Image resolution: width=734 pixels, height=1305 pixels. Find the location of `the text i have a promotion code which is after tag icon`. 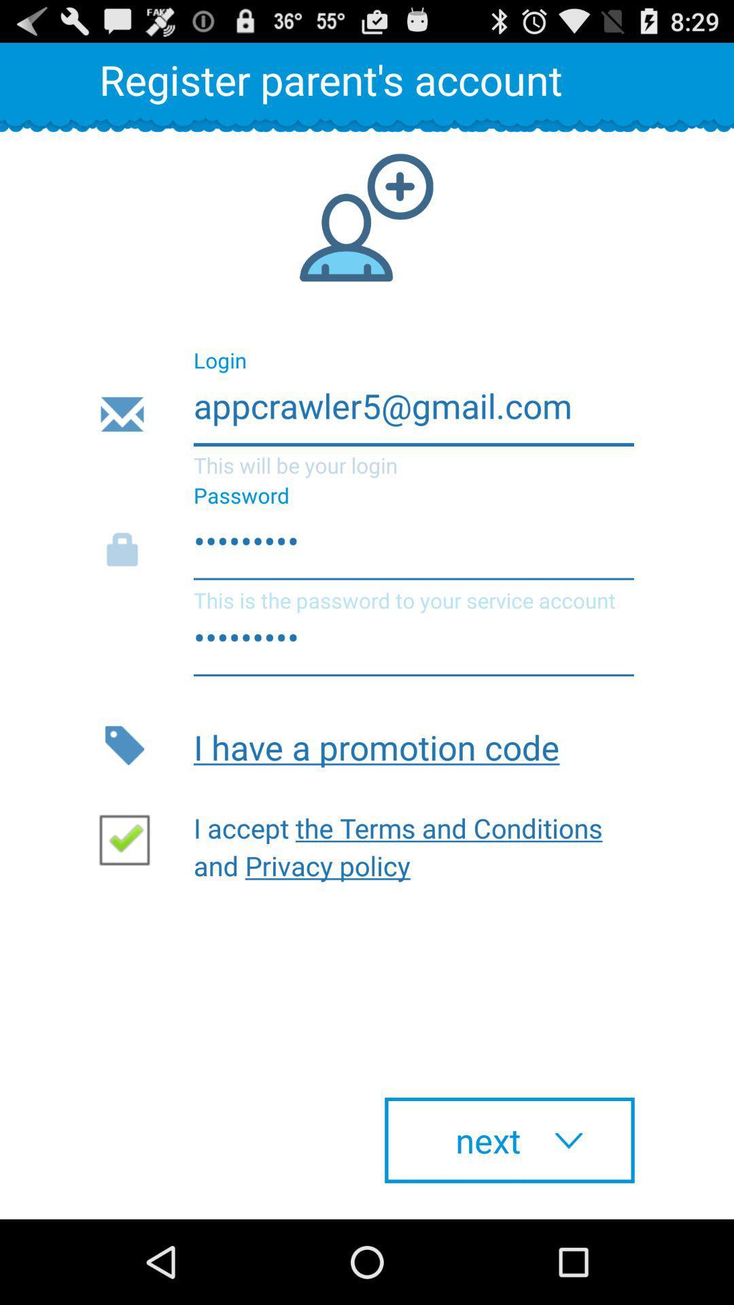

the text i have a promotion code which is after tag icon is located at coordinates (413, 745).